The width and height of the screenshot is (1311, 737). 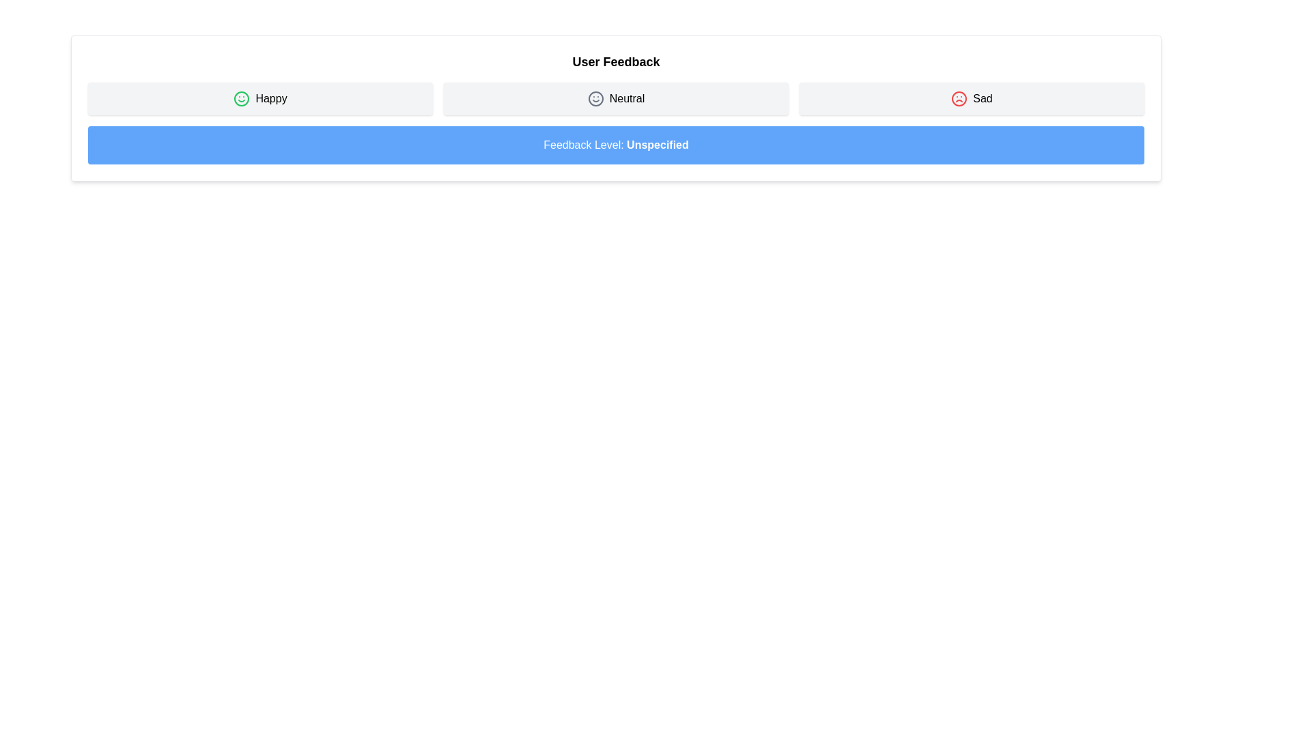 I want to click on the circular sad face icon with a red color scheme, located within the 'Sad' button, positioned at the far right of the top feedback row, so click(x=959, y=98).